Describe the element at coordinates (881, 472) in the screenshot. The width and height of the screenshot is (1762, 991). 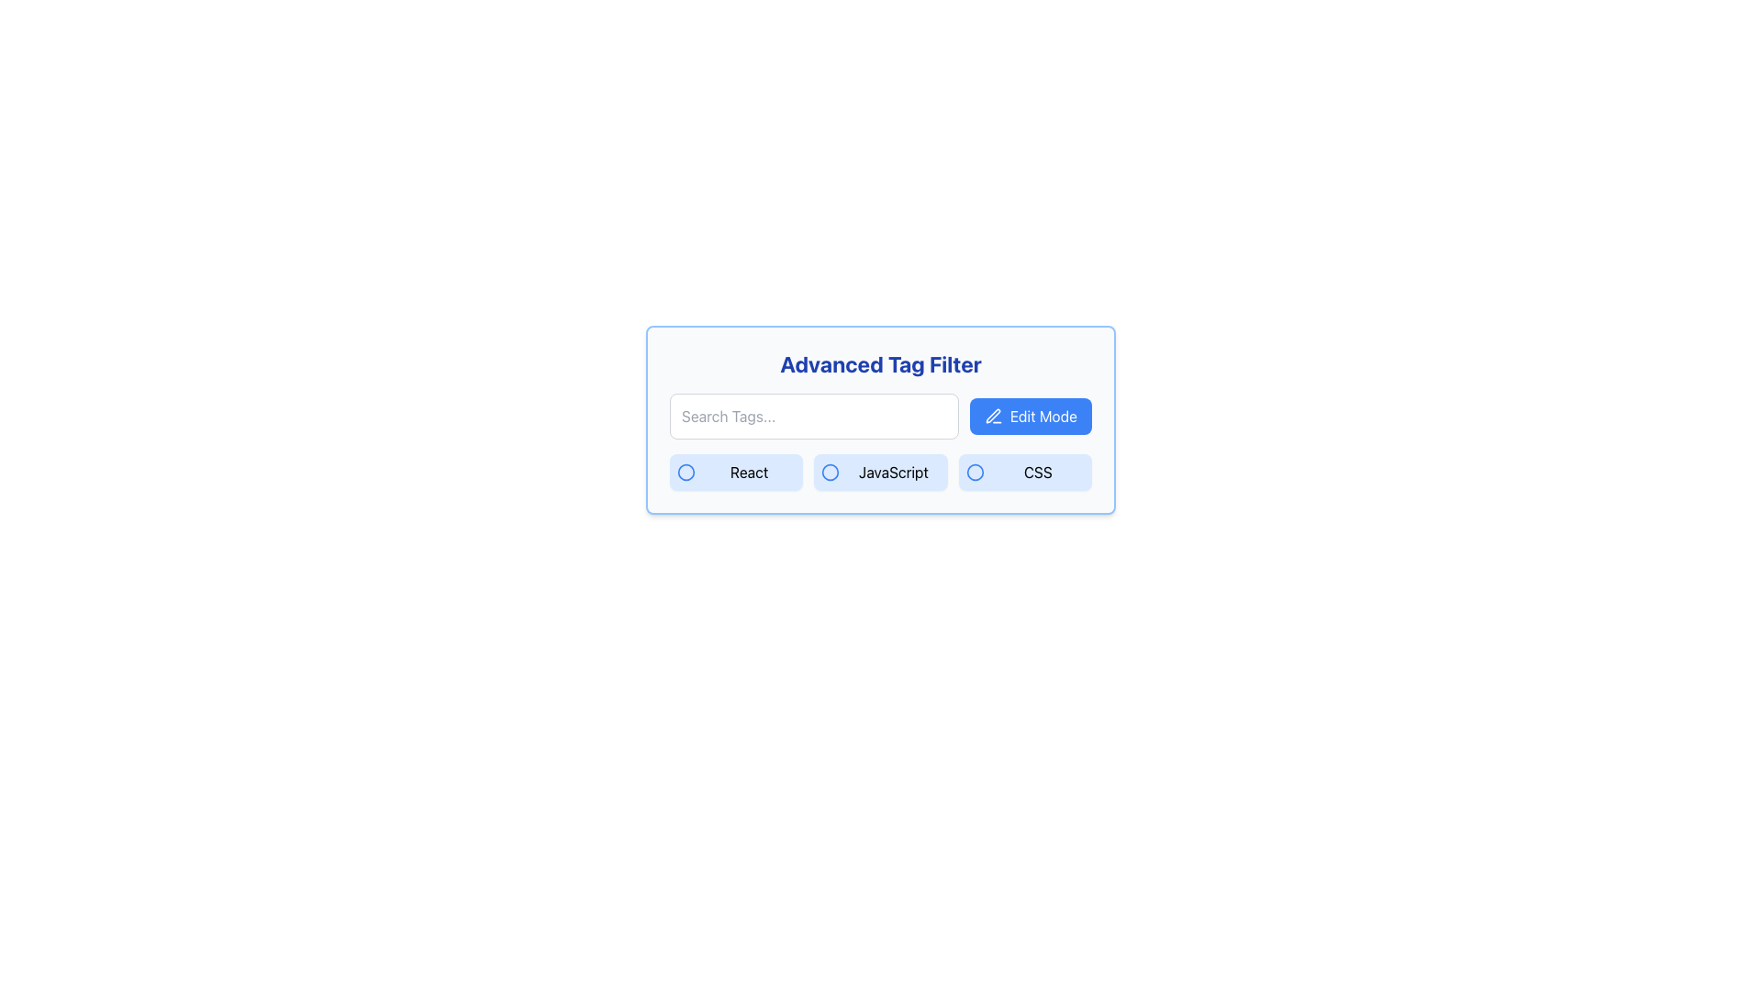
I see `one of the items in the Grid of selectable items for the Advanced Tag Filter` at that location.